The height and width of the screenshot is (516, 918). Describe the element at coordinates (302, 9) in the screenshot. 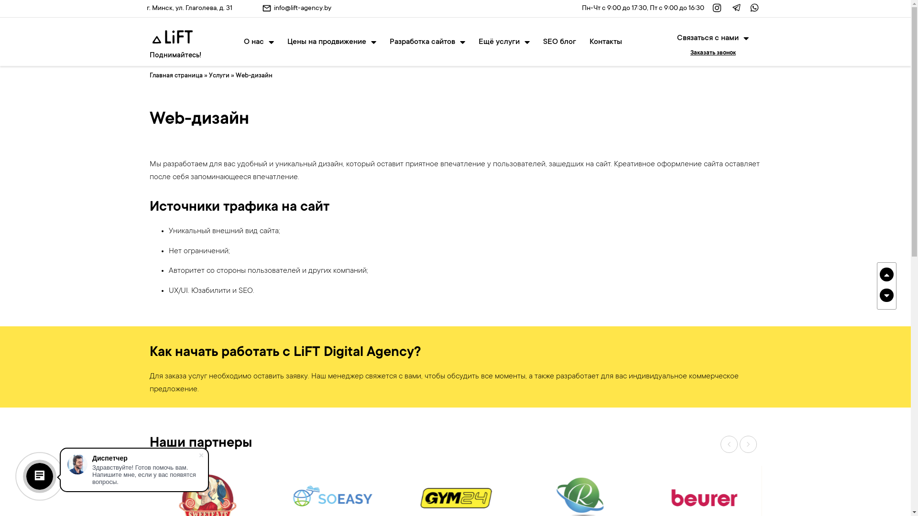

I see `'info@lift-agency.by'` at that location.